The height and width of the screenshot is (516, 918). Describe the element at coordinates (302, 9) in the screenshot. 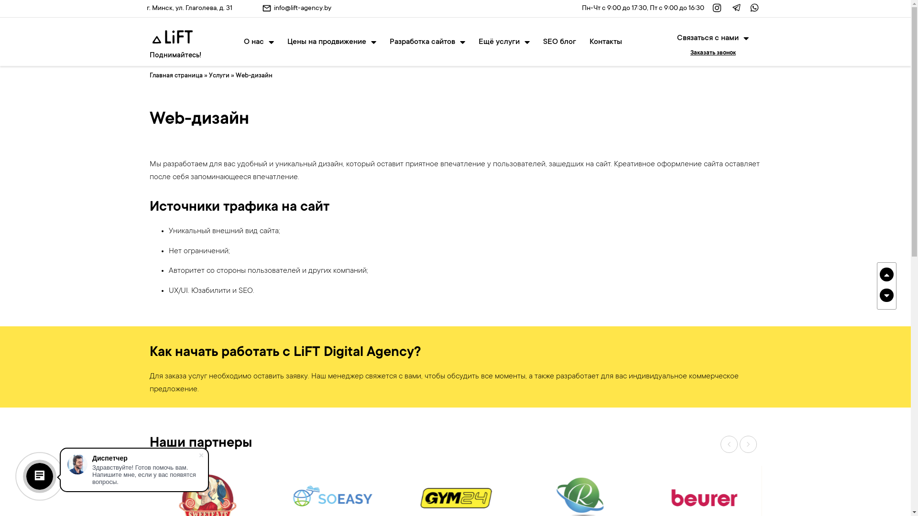

I see `'info@lift-agency.by'` at that location.